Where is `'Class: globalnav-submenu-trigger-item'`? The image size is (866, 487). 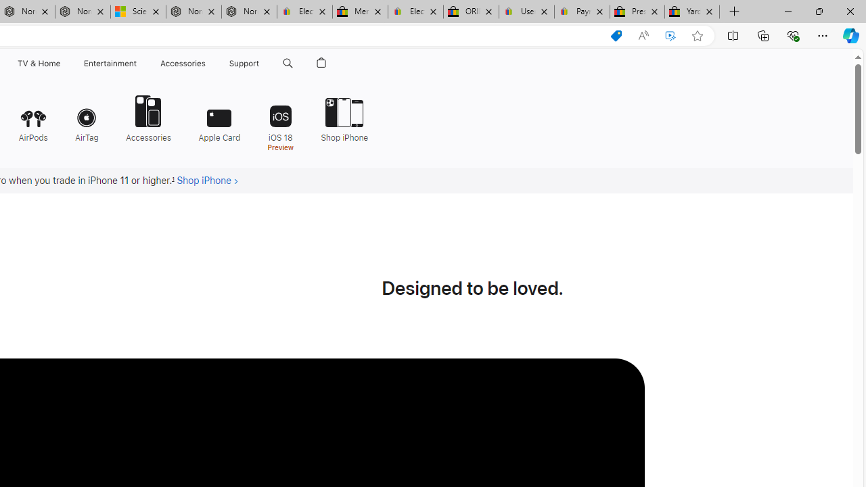
'Class: globalnav-submenu-trigger-item' is located at coordinates (262, 63).